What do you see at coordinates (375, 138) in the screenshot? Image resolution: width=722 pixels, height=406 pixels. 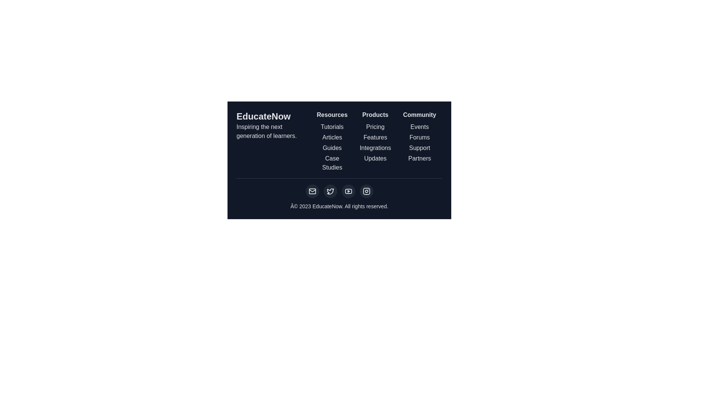 I see `the 'Features' hyperlink, which is the second item in the vertical list under the 'Products' column` at bounding box center [375, 138].